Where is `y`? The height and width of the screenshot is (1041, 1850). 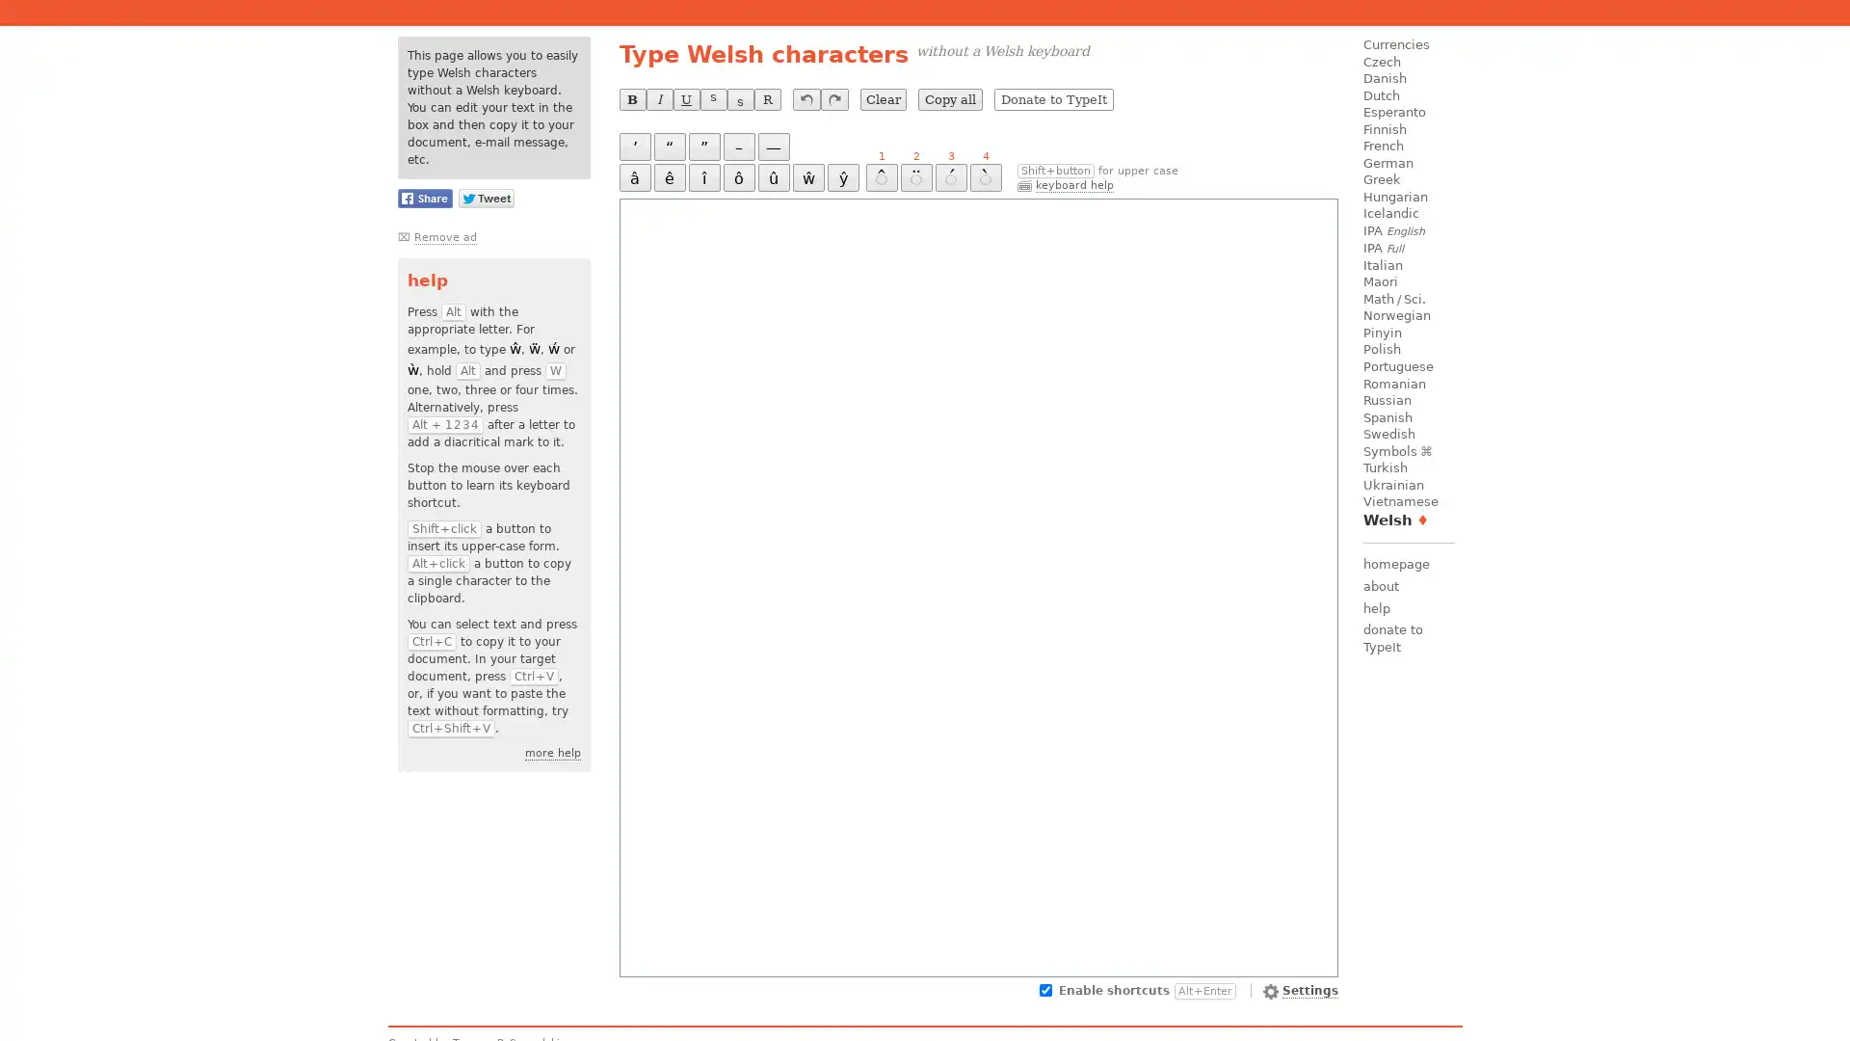
y is located at coordinates (842, 177).